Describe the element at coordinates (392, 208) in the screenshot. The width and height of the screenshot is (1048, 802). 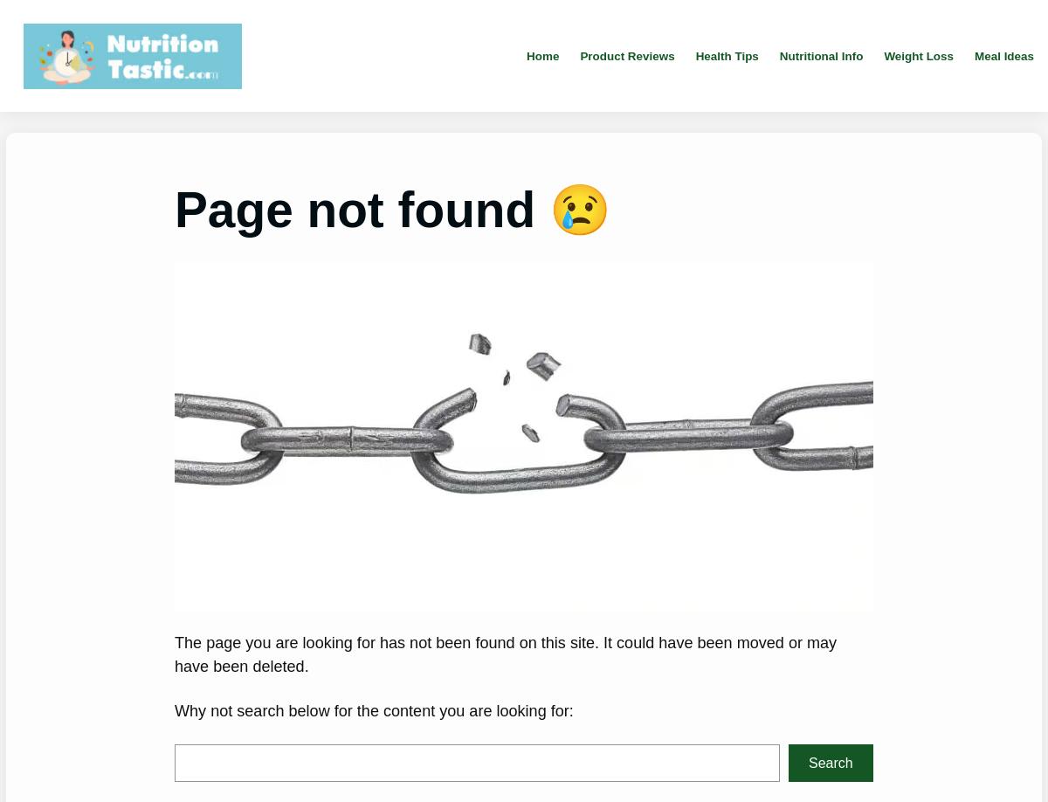
I see `'Page not found 😢'` at that location.